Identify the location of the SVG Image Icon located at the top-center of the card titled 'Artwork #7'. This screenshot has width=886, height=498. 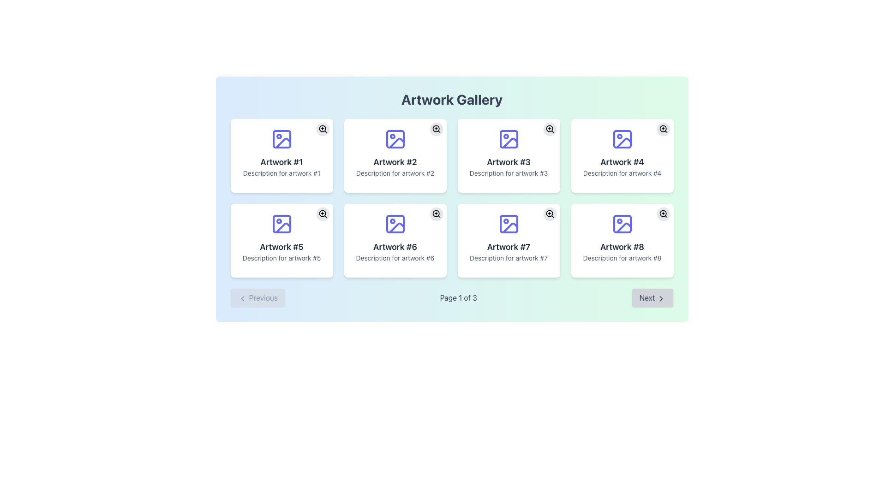
(508, 224).